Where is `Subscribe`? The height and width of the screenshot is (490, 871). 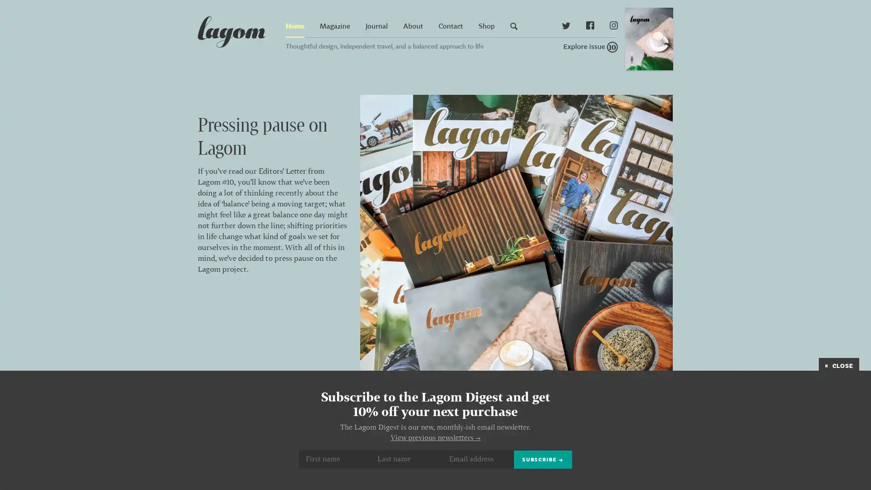
Subscribe is located at coordinates (543, 459).